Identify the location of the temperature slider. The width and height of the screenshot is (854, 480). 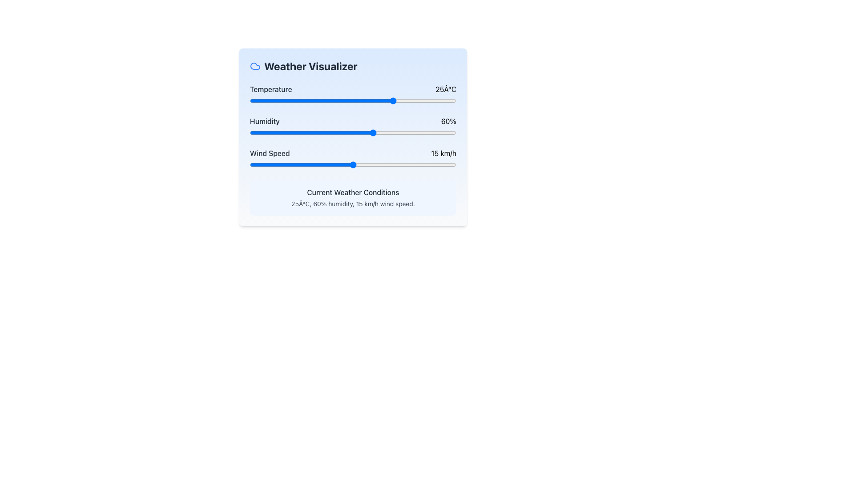
(307, 100).